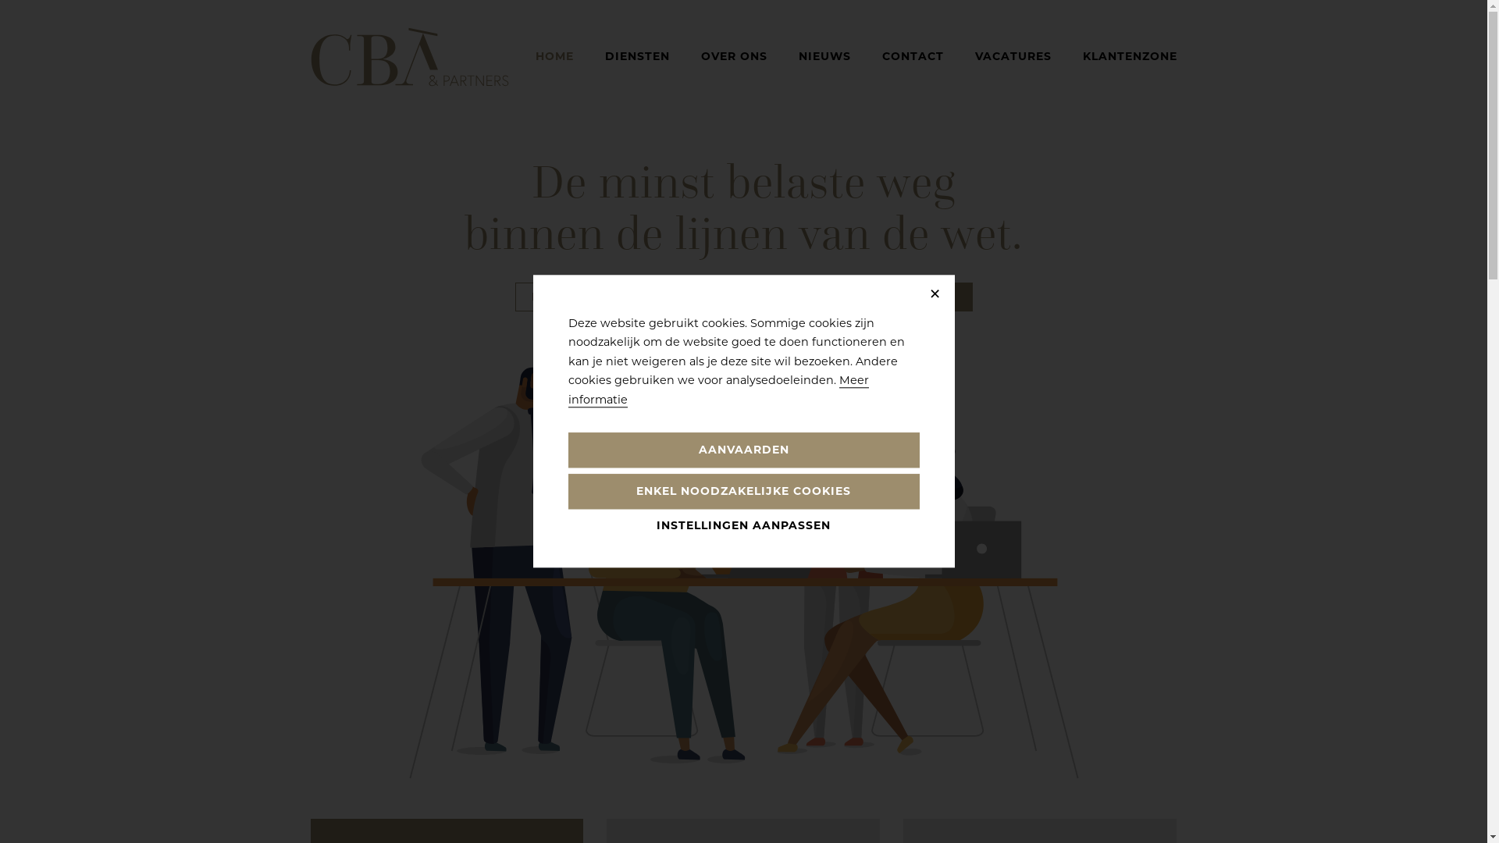  What do you see at coordinates (881, 55) in the screenshot?
I see `'CONTACT'` at bounding box center [881, 55].